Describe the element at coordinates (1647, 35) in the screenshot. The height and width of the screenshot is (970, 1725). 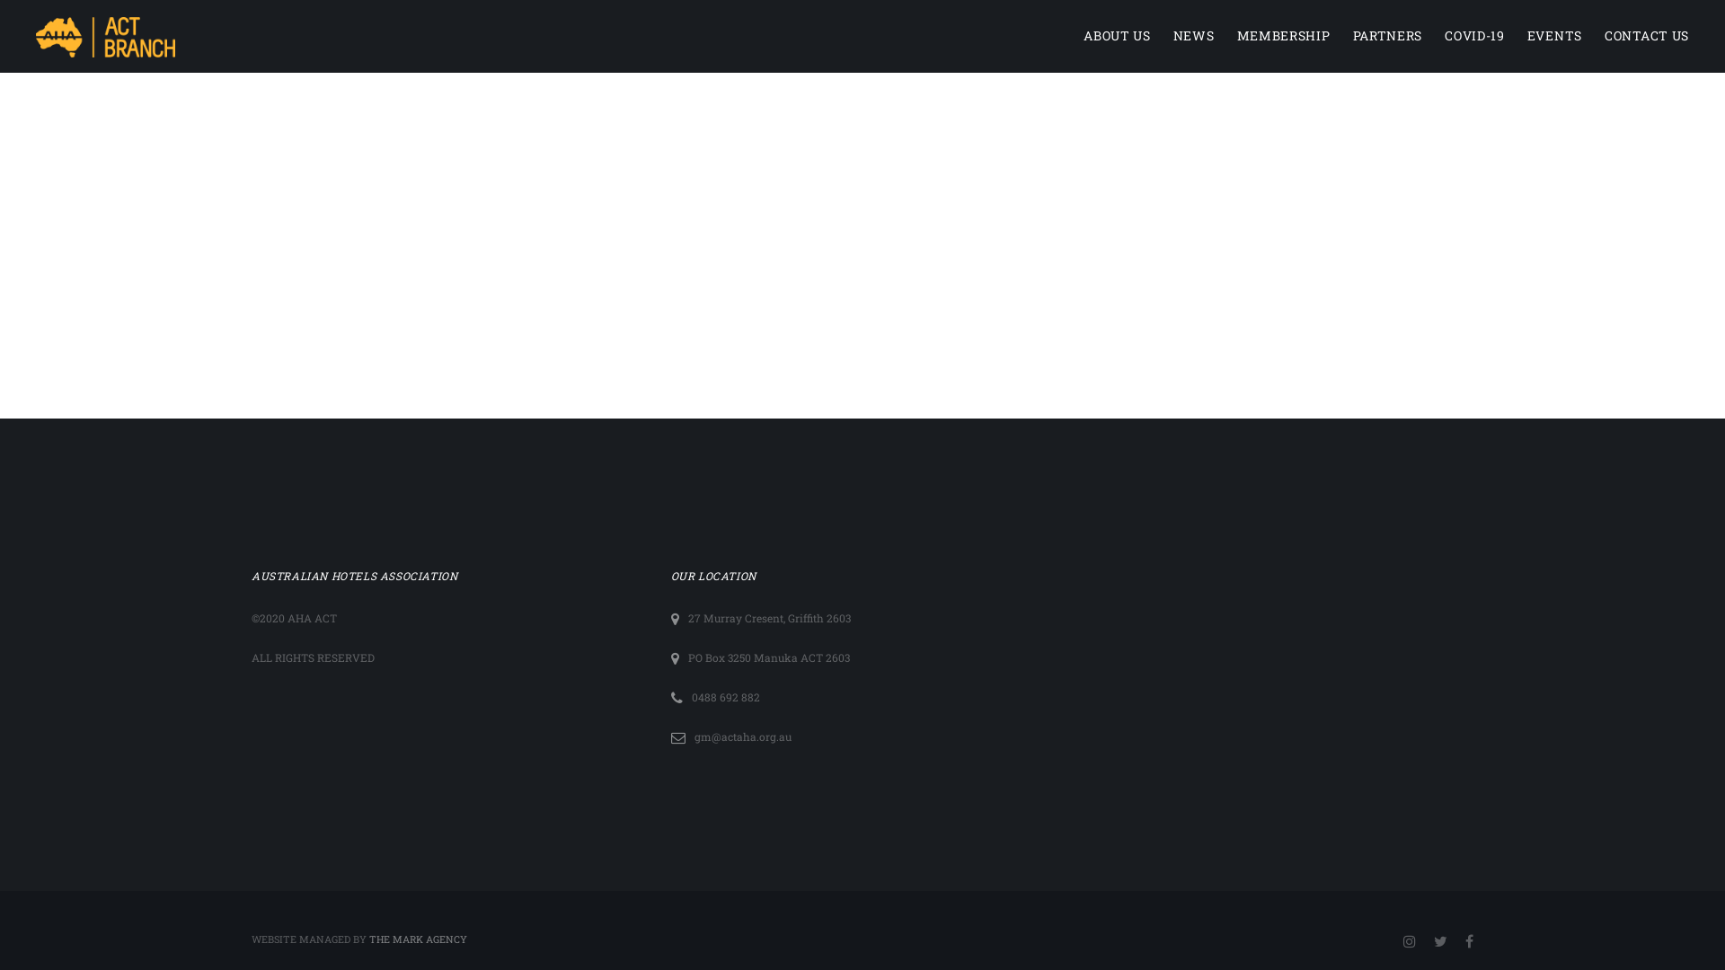
I see `'CONTACT US'` at that location.